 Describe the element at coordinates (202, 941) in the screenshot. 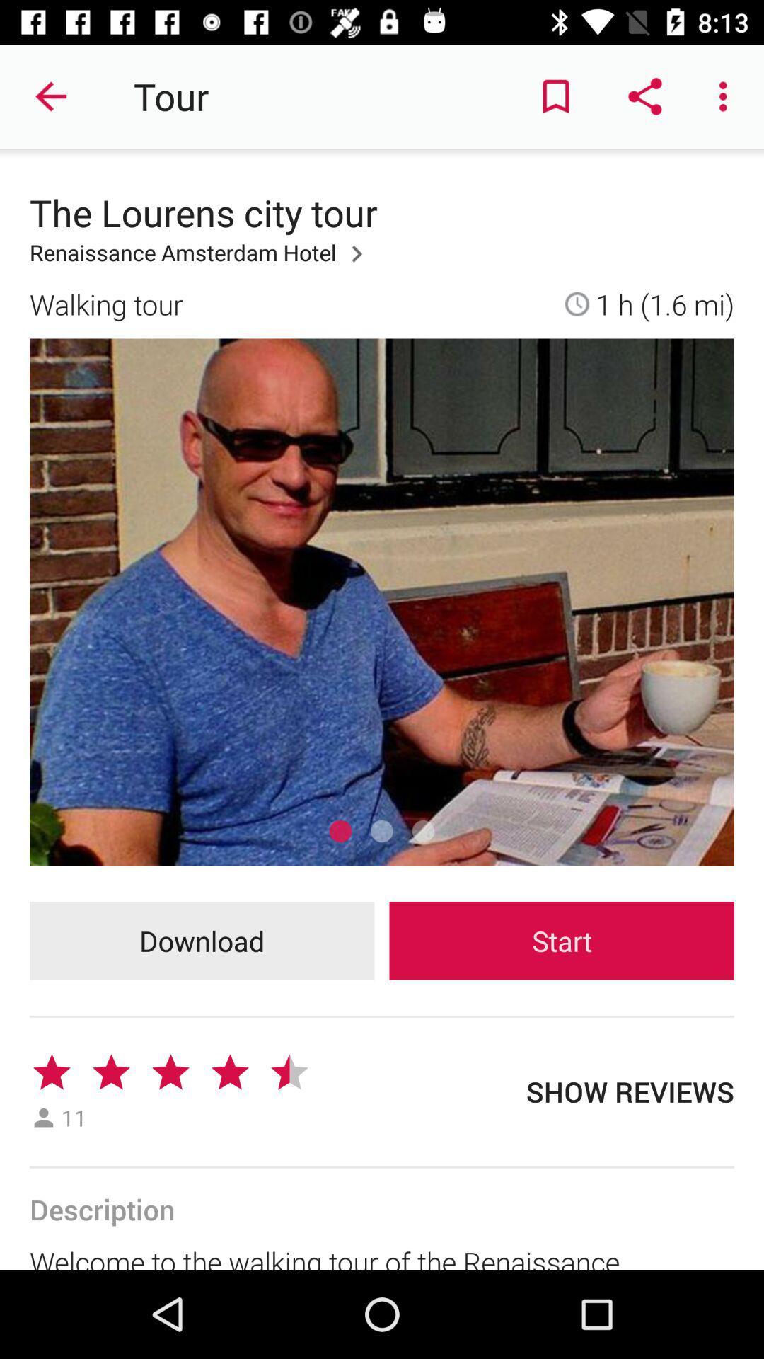

I see `the text left to start` at that location.